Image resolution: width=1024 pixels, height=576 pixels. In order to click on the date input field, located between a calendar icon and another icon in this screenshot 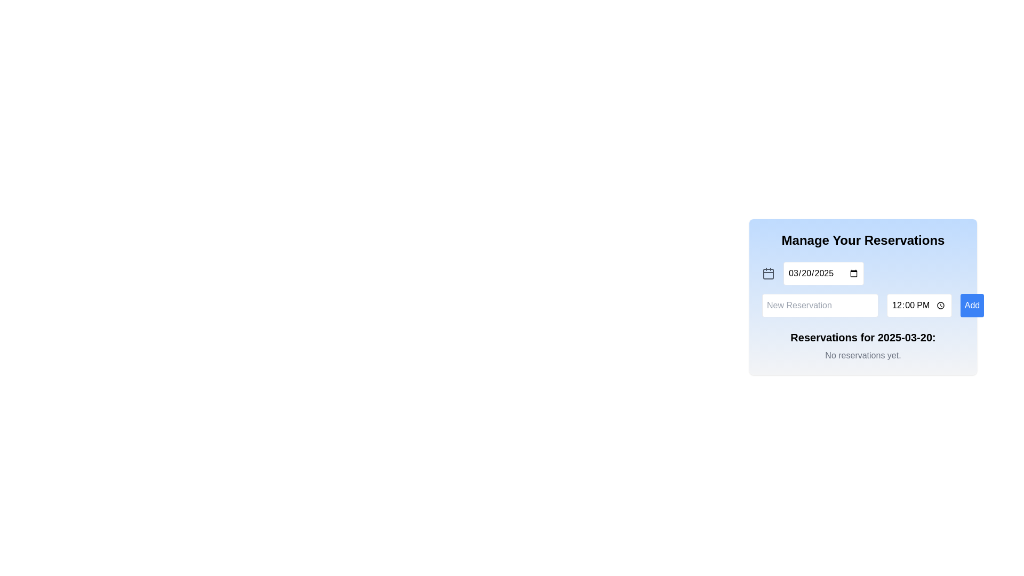, I will do `click(823, 273)`.